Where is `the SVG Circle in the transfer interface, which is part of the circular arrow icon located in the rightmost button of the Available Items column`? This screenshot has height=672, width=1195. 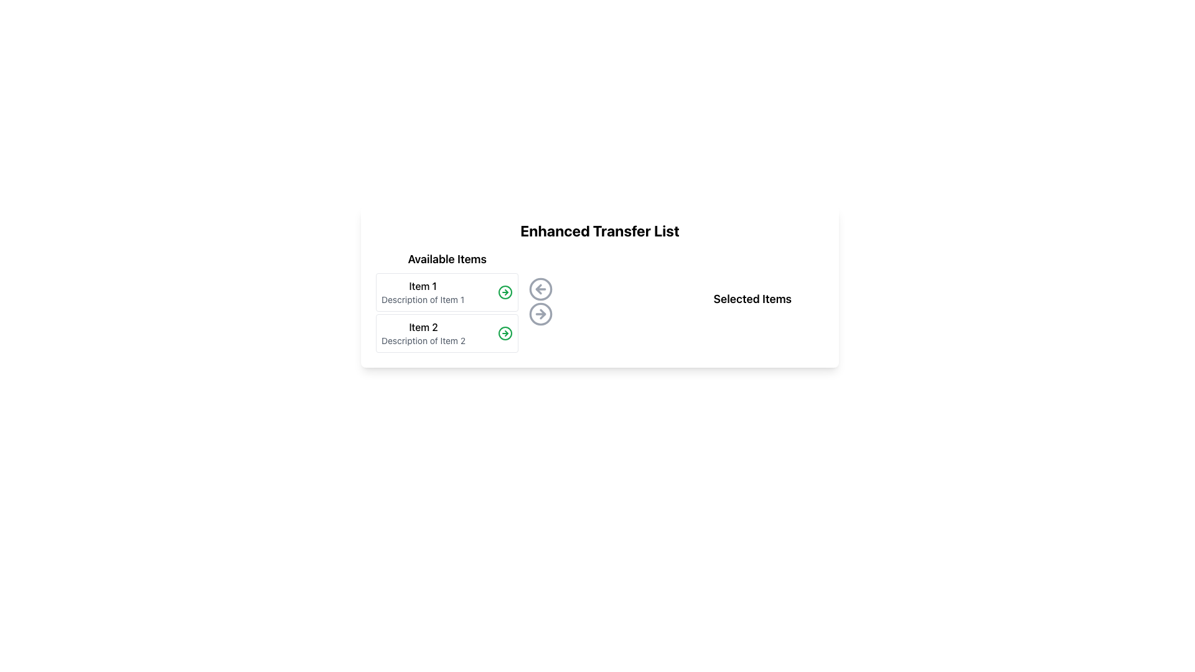 the SVG Circle in the transfer interface, which is part of the circular arrow icon located in the rightmost button of the Available Items column is located at coordinates (541, 314).